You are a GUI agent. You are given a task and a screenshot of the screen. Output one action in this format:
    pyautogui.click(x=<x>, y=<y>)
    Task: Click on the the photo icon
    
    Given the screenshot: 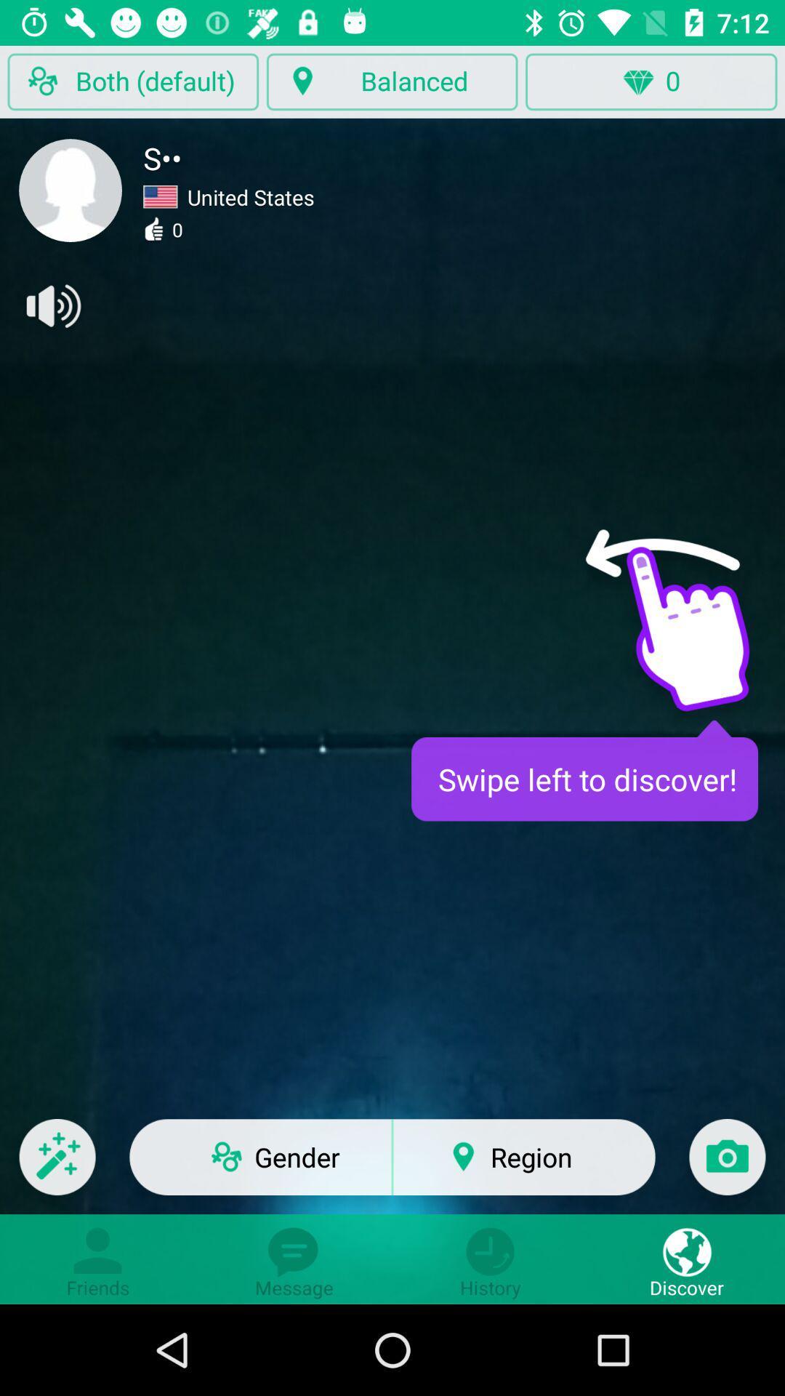 What is the action you would take?
    pyautogui.click(x=727, y=1166)
    